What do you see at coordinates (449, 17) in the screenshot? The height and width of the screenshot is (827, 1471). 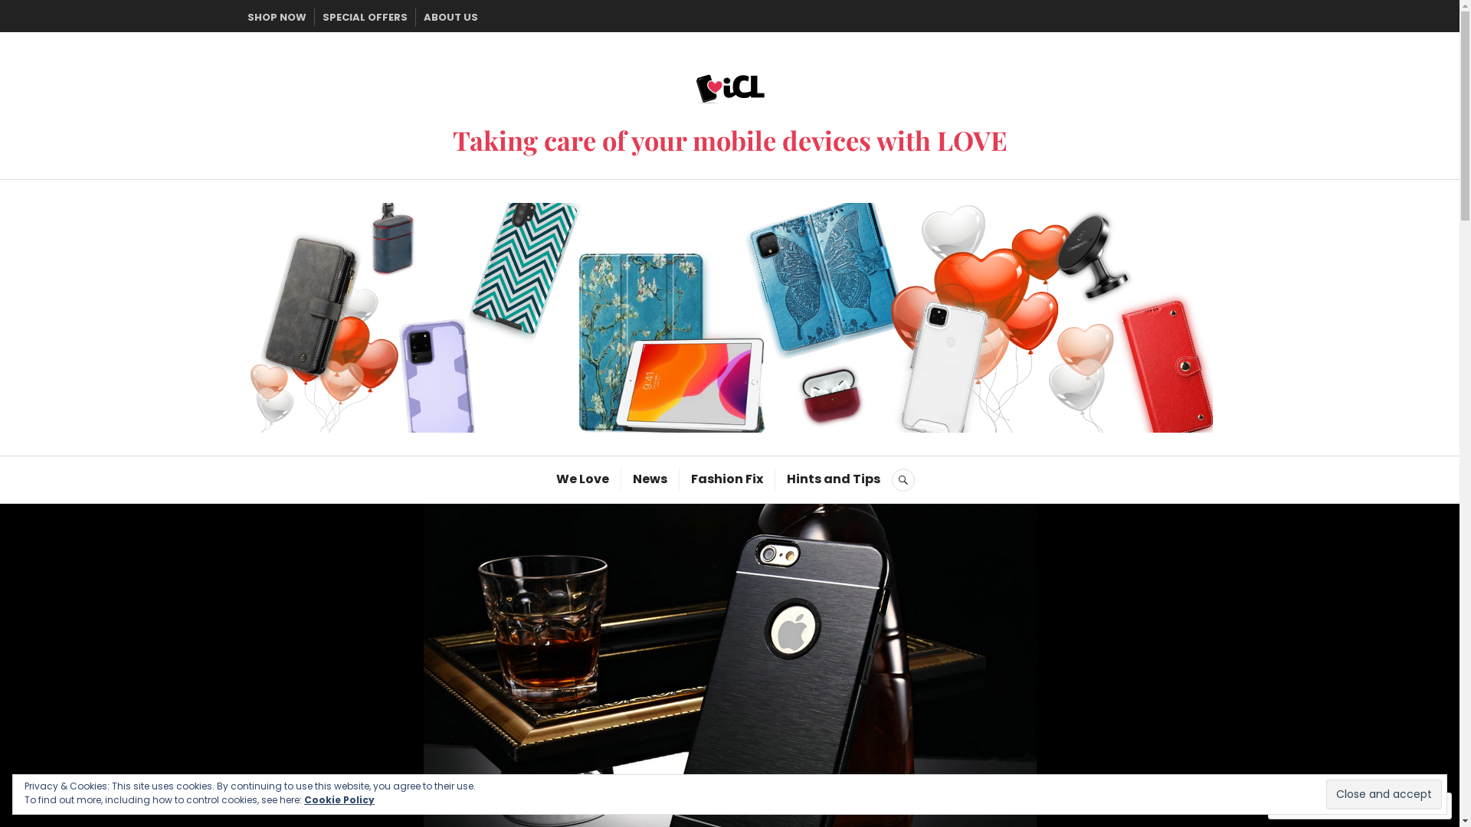 I see `'ABOUT US'` at bounding box center [449, 17].